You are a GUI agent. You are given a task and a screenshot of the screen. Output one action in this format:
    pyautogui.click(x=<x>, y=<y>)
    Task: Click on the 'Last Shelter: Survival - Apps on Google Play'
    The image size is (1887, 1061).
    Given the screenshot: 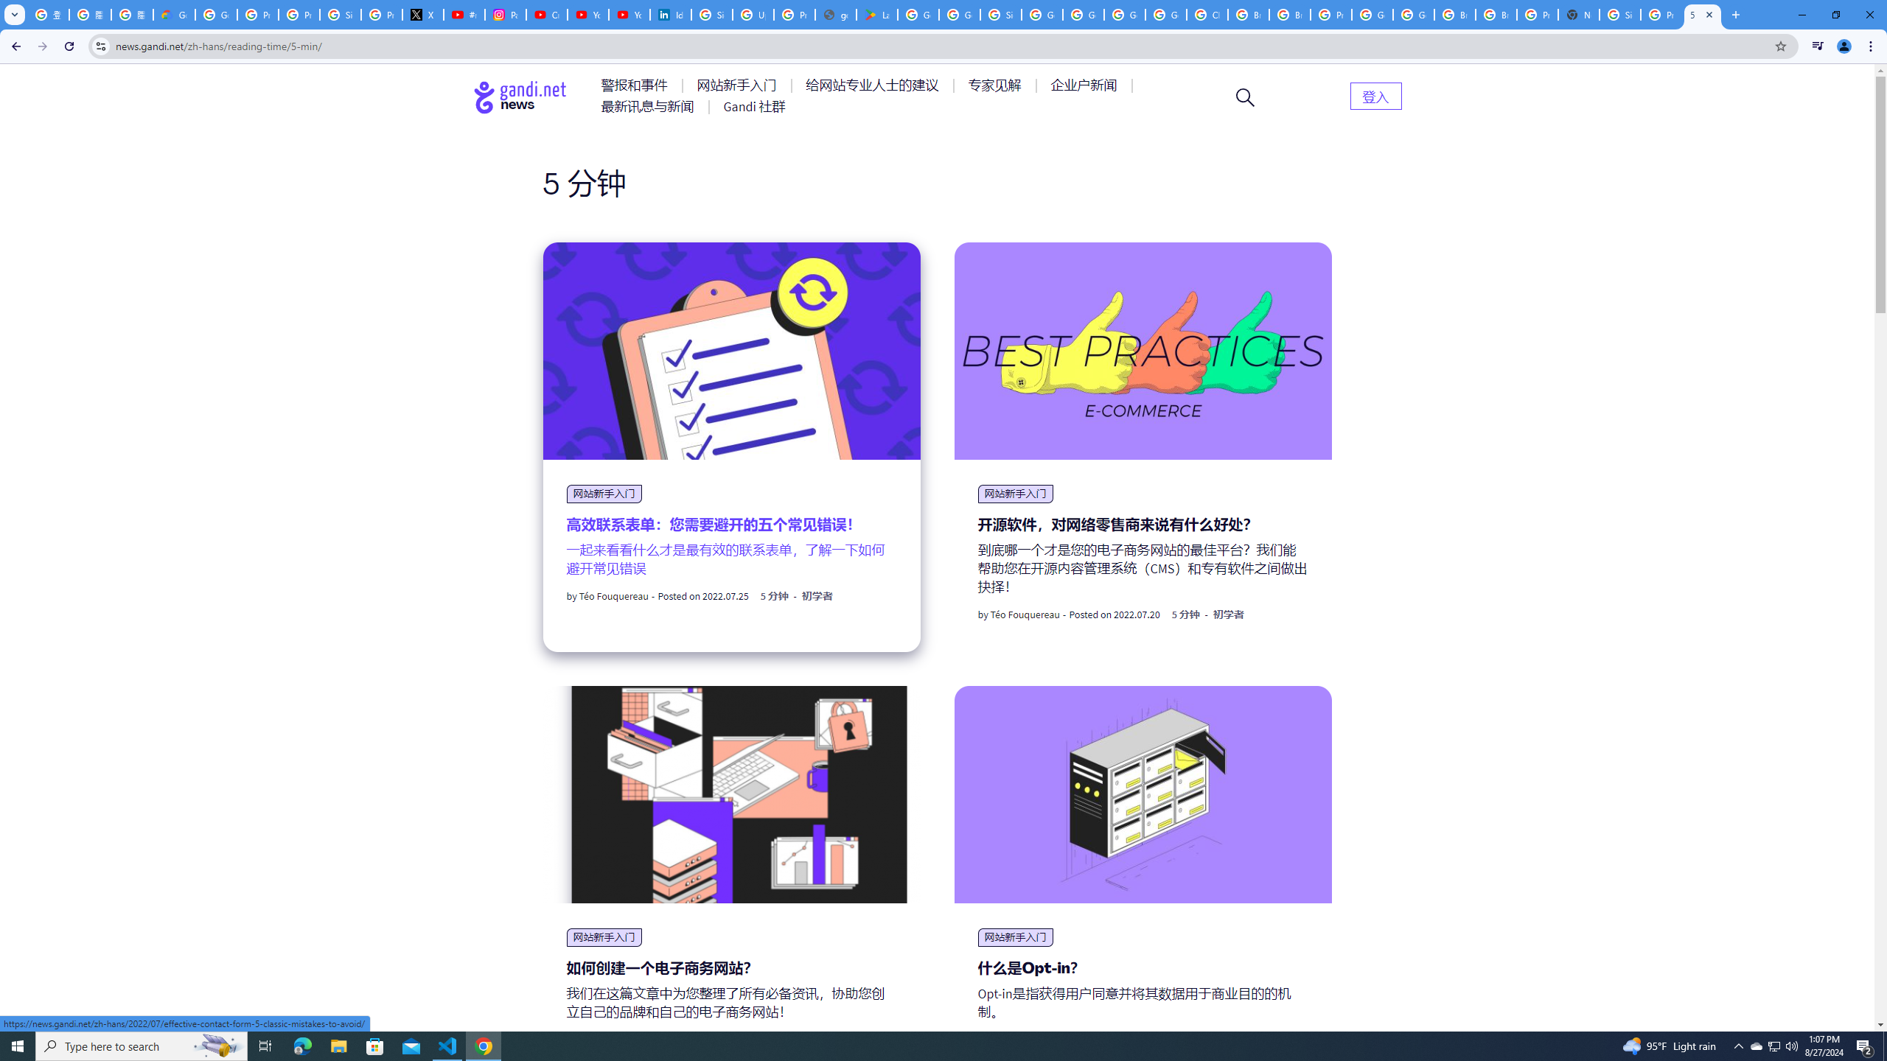 What is the action you would take?
    pyautogui.click(x=876, y=14)
    